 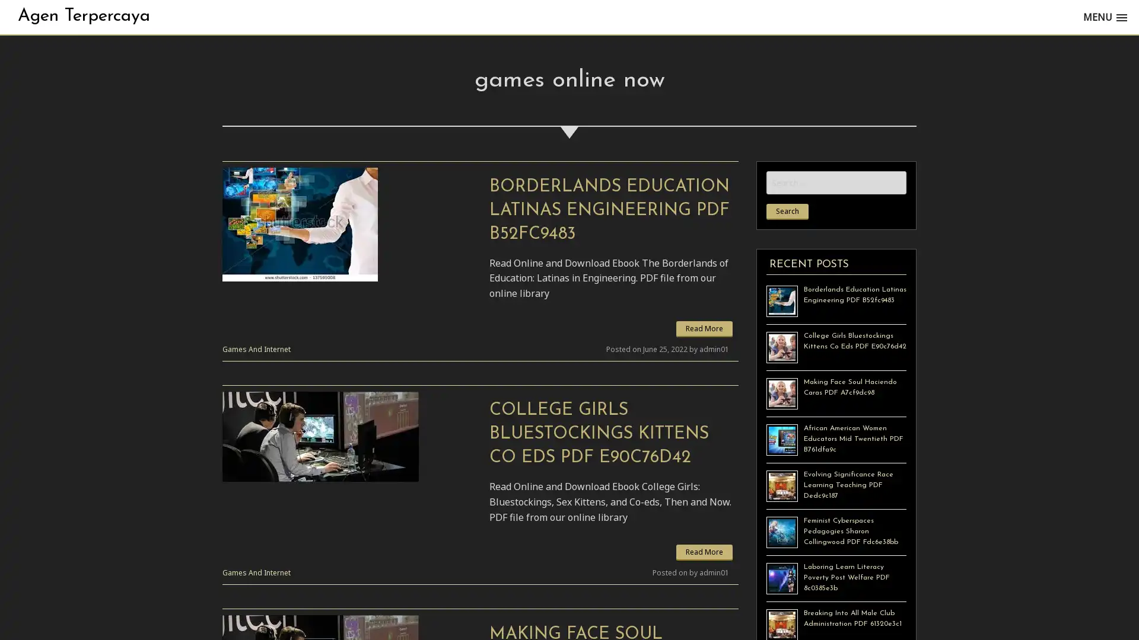 What do you see at coordinates (787, 211) in the screenshot?
I see `Search` at bounding box center [787, 211].